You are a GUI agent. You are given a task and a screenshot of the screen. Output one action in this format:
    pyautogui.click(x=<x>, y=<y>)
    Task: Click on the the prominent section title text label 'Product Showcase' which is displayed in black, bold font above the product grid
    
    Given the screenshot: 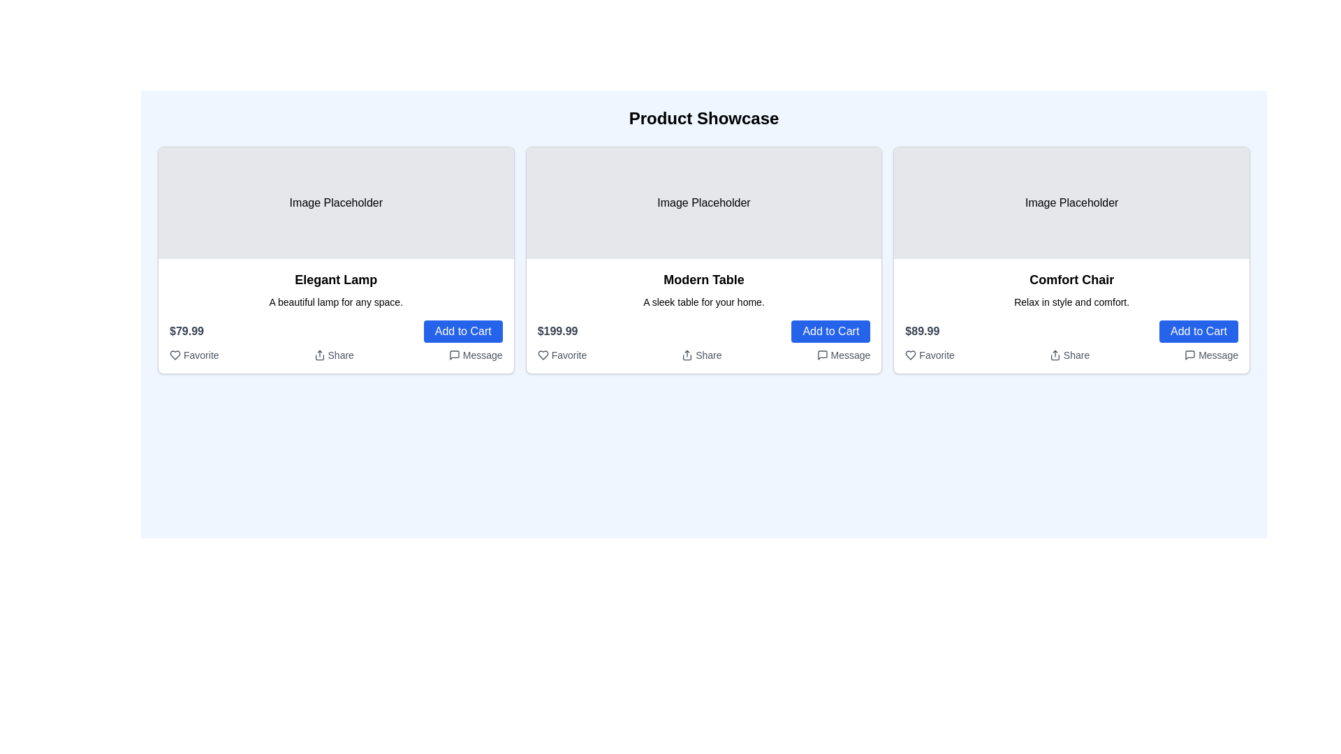 What is the action you would take?
    pyautogui.click(x=704, y=117)
    